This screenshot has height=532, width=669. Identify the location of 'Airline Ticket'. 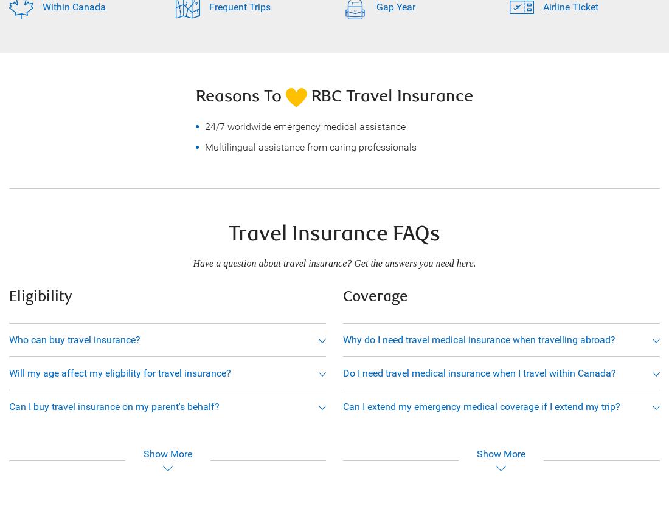
(541, 6).